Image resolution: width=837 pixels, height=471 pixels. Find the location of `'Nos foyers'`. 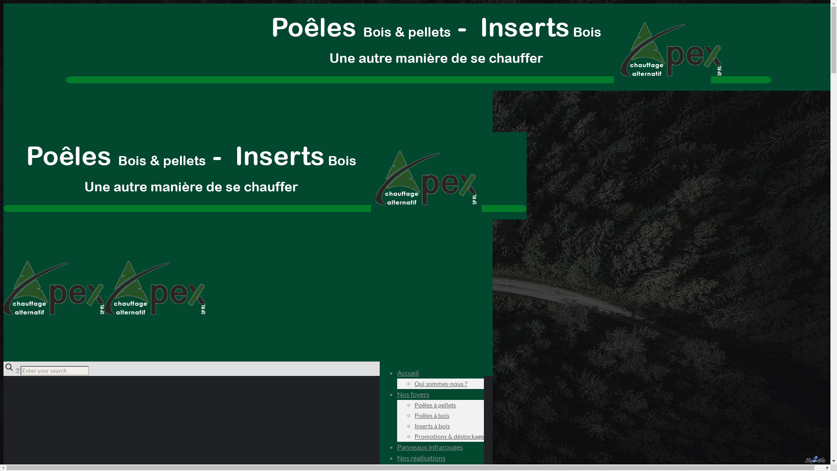

'Nos foyers' is located at coordinates (413, 394).